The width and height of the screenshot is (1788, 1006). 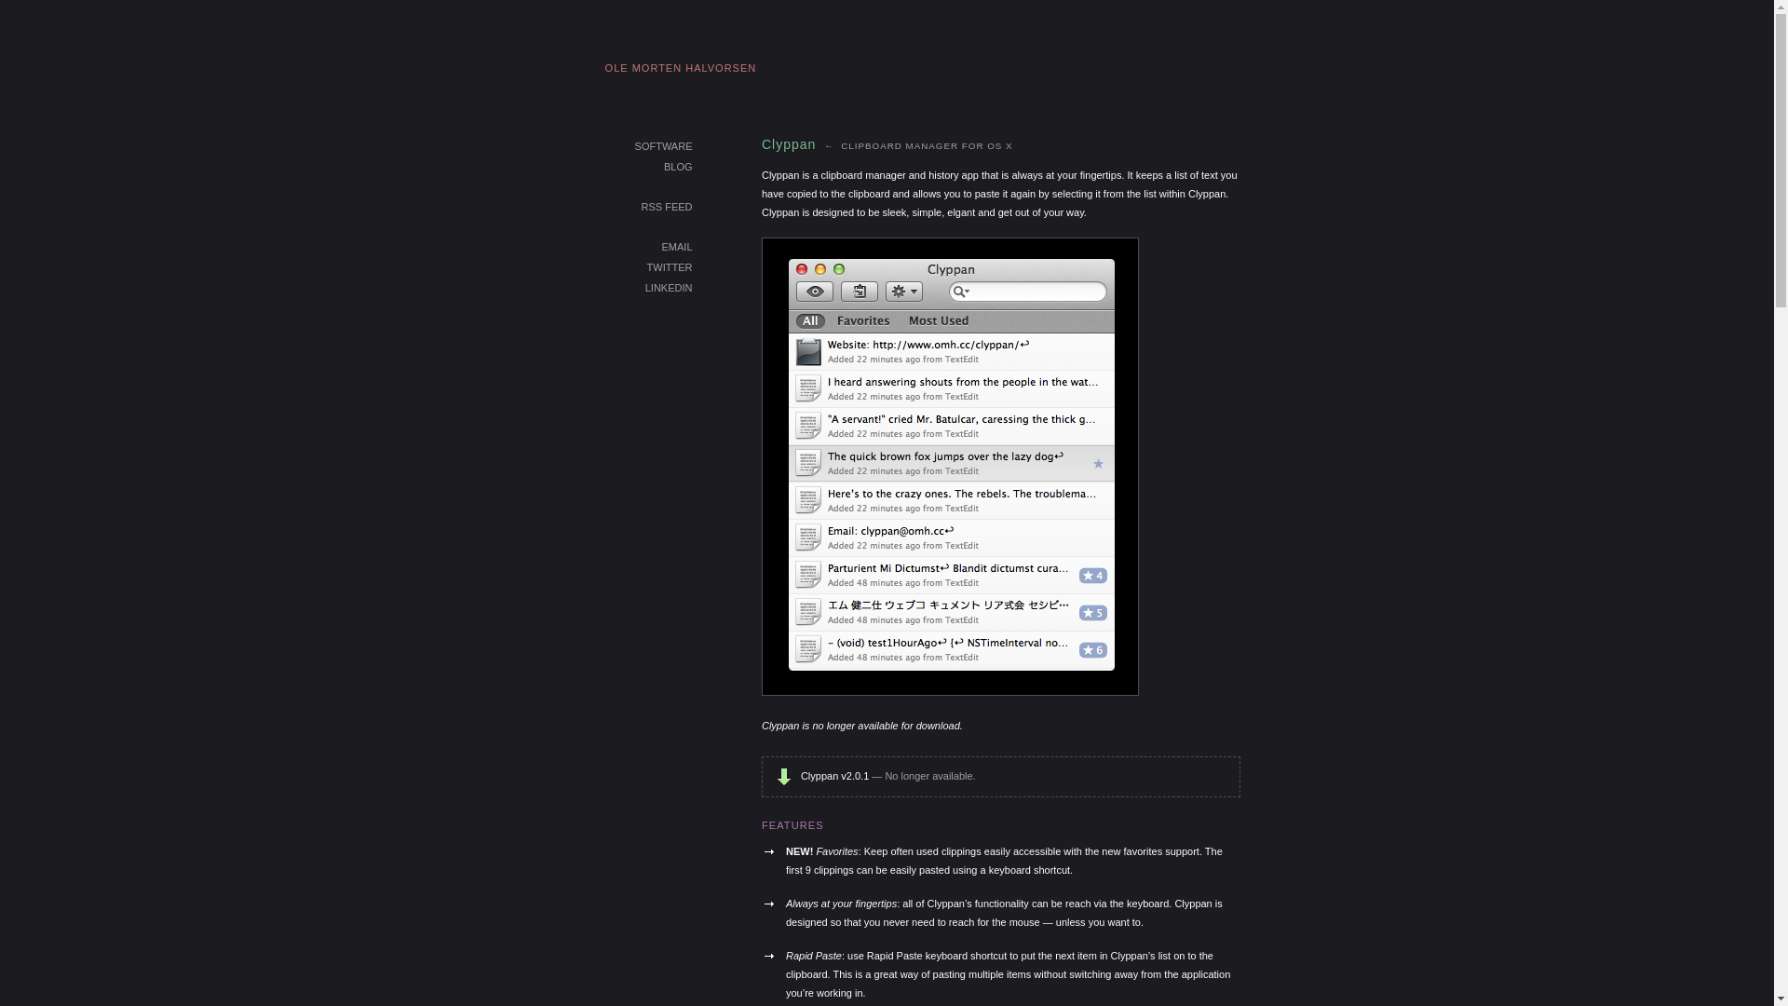 What do you see at coordinates (664, 146) in the screenshot?
I see `'SOFTWARE'` at bounding box center [664, 146].